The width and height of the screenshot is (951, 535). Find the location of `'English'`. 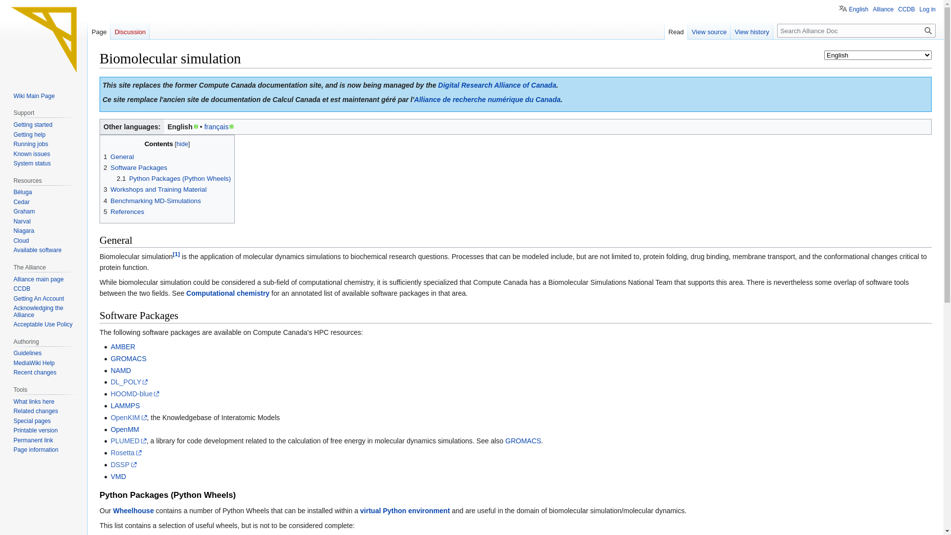

'English' is located at coordinates (839, 7).